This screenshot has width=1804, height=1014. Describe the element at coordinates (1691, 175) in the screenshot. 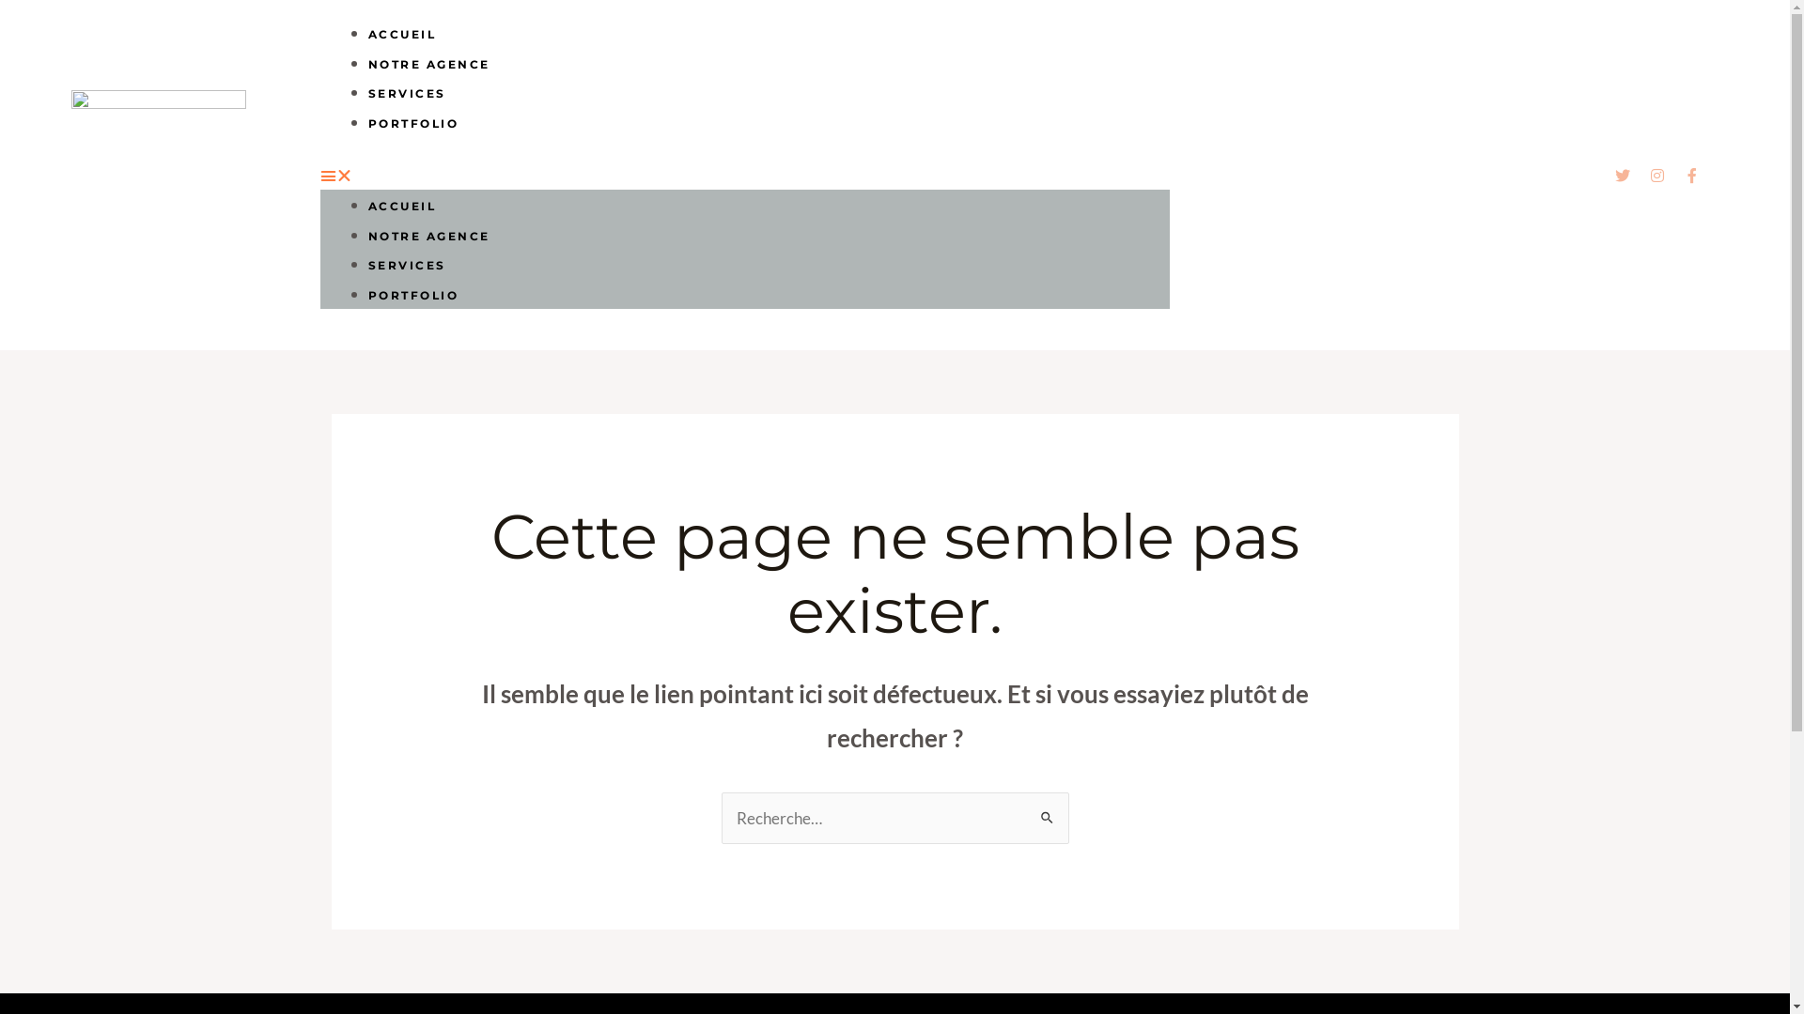

I see `'Facebook-f'` at that location.